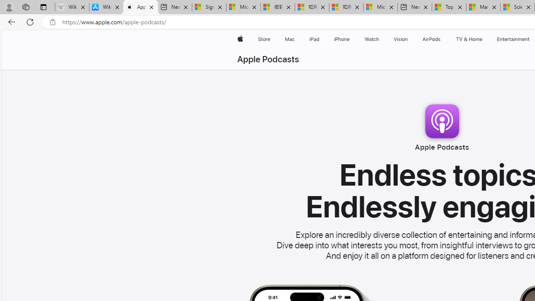 The image size is (535, 301). What do you see at coordinates (239, 39) in the screenshot?
I see `'Apple'` at bounding box center [239, 39].